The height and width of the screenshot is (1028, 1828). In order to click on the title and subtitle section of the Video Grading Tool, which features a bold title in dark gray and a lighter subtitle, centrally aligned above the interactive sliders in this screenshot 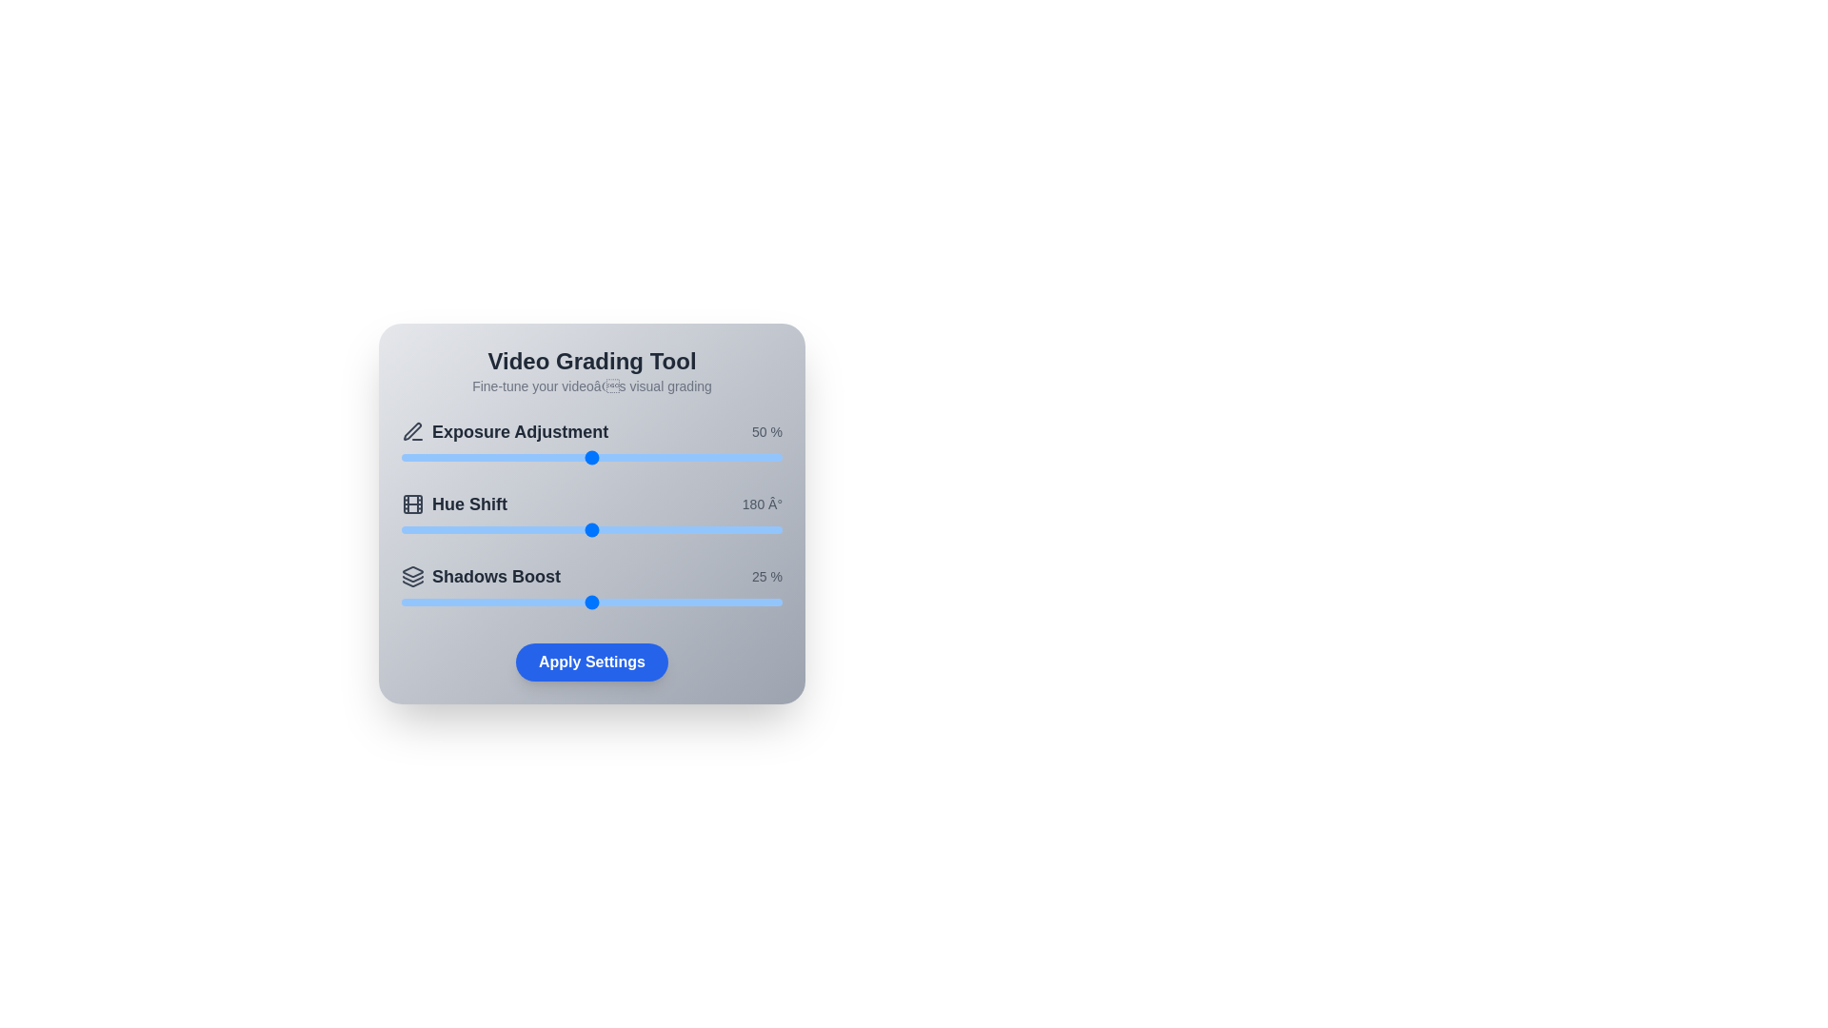, I will do `click(591, 370)`.